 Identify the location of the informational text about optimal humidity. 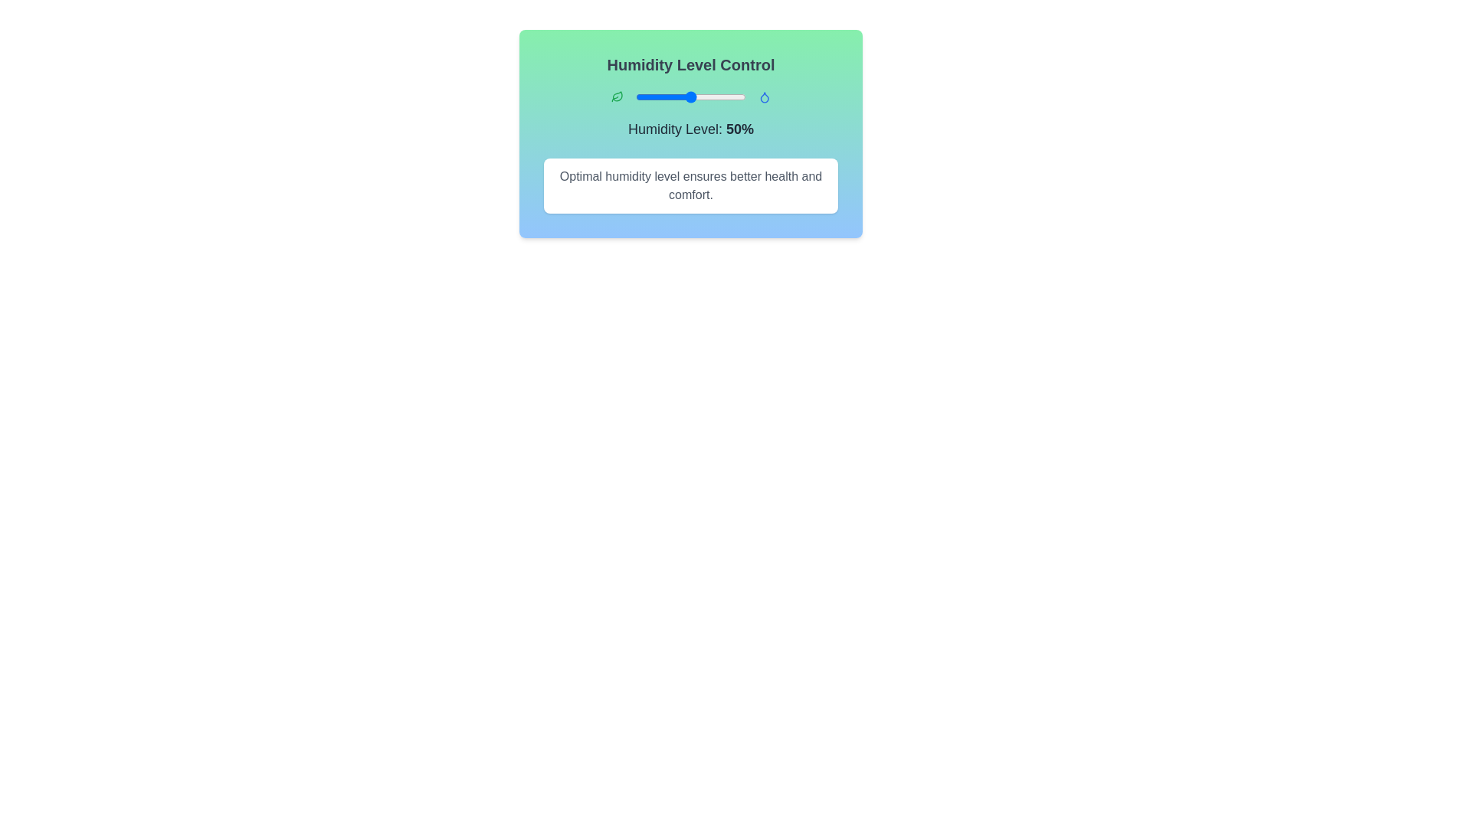
(690, 185).